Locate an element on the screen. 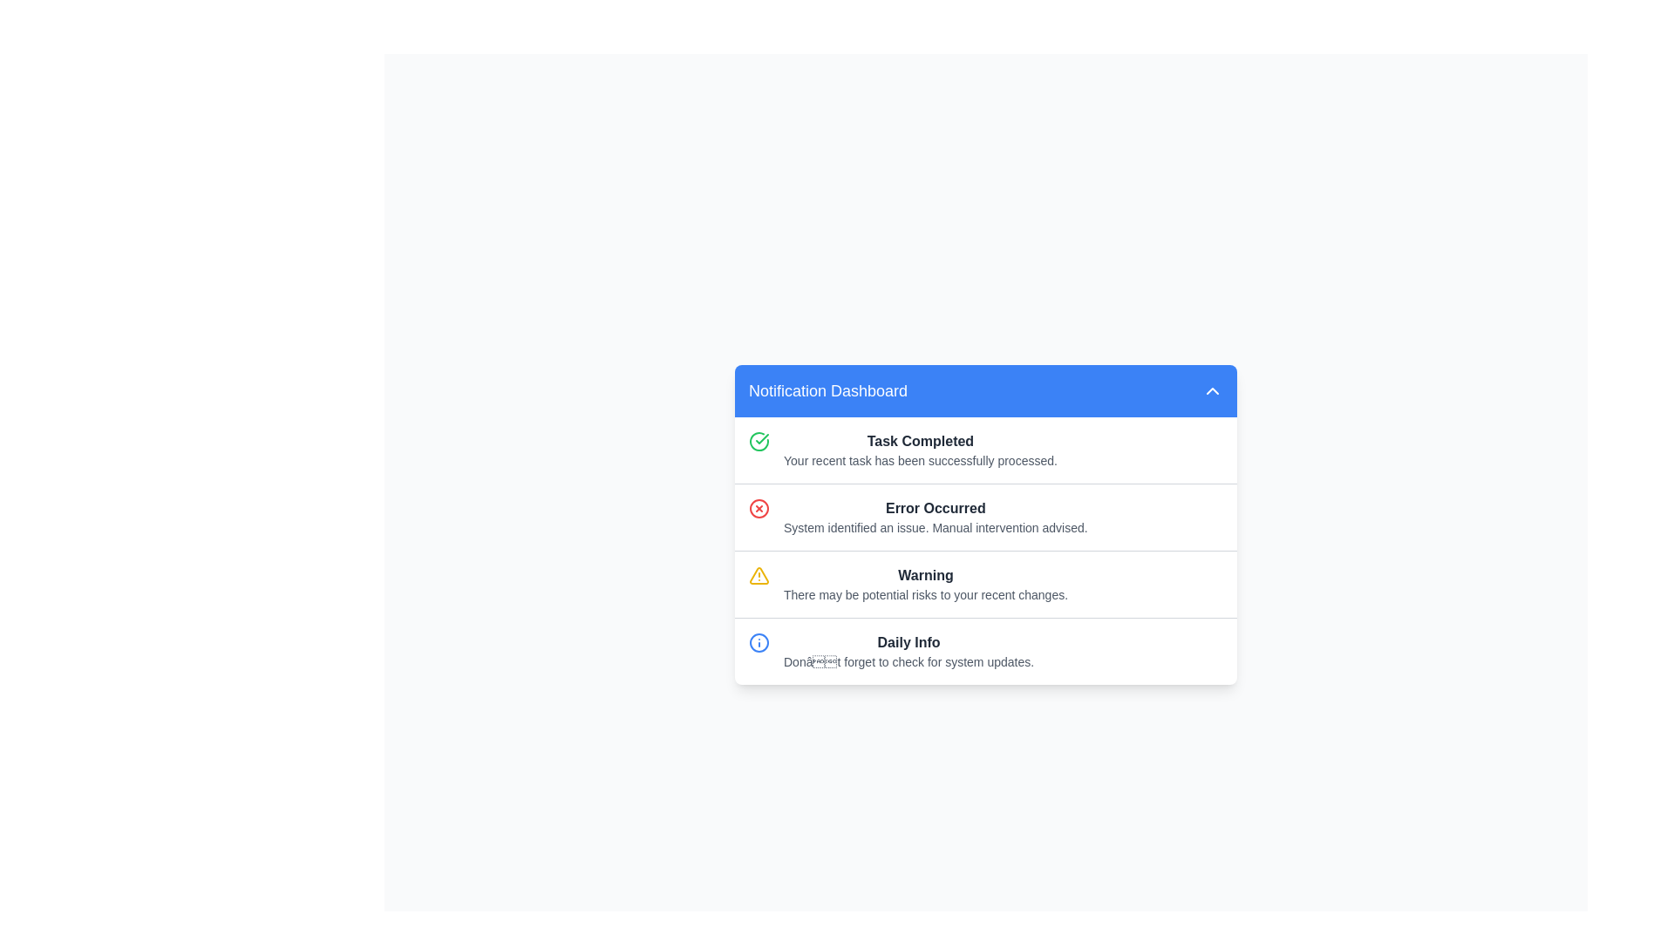  the circular graphical icon with an integrated cross mark that indicates an error status in the notification row, located to the left of the 'Error Occurred' text is located at coordinates (759, 508).